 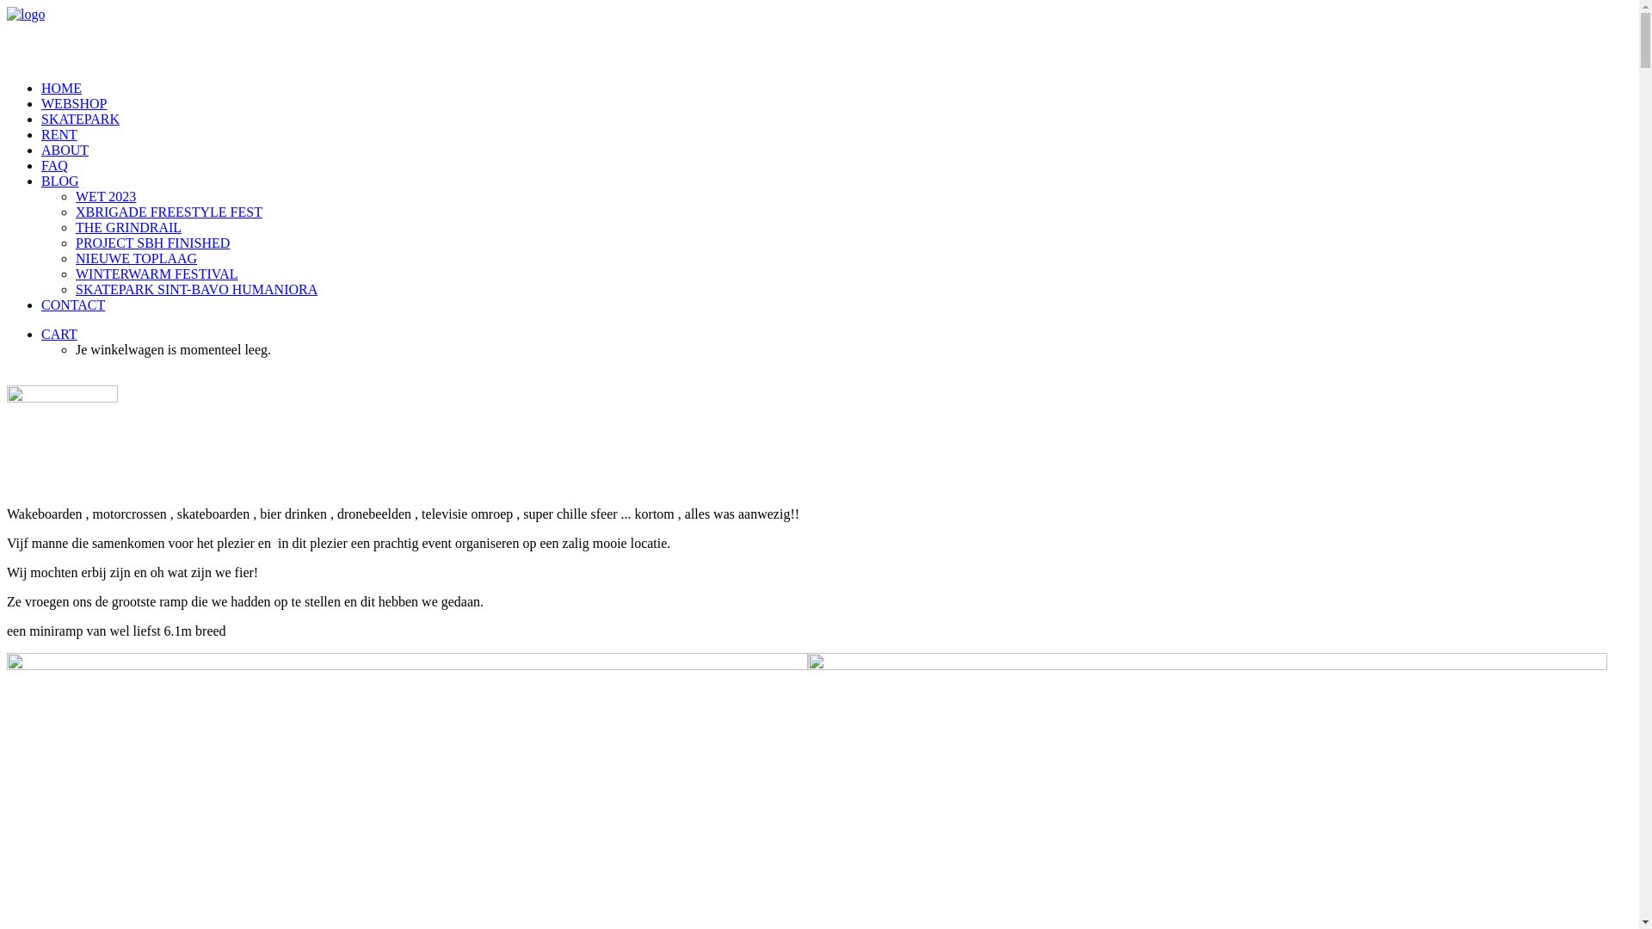 What do you see at coordinates (854, 227) in the screenshot?
I see `'THE GRINDRAIL'` at bounding box center [854, 227].